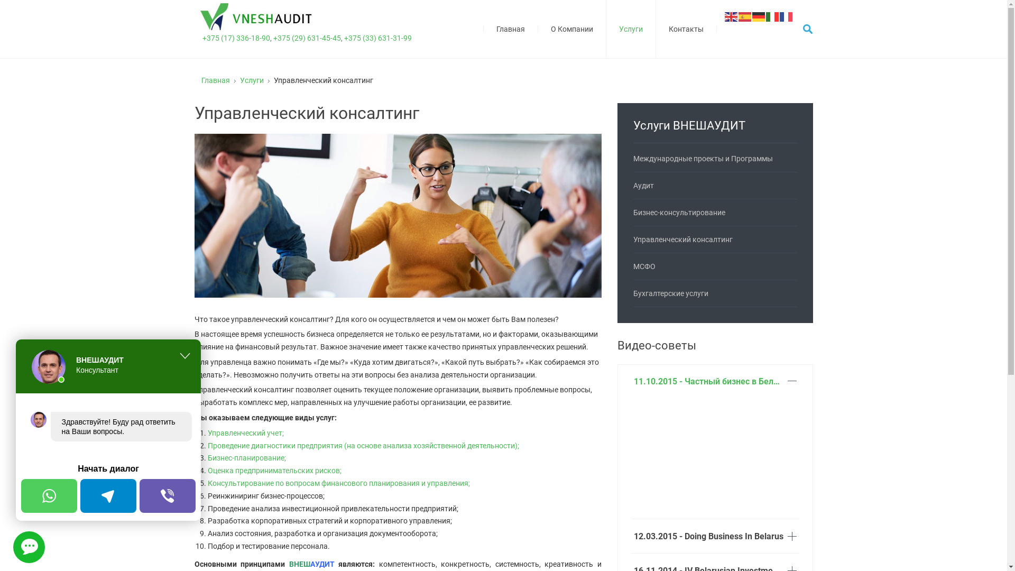 This screenshot has height=571, width=1015. I want to click on 'Telegram', so click(108, 495).